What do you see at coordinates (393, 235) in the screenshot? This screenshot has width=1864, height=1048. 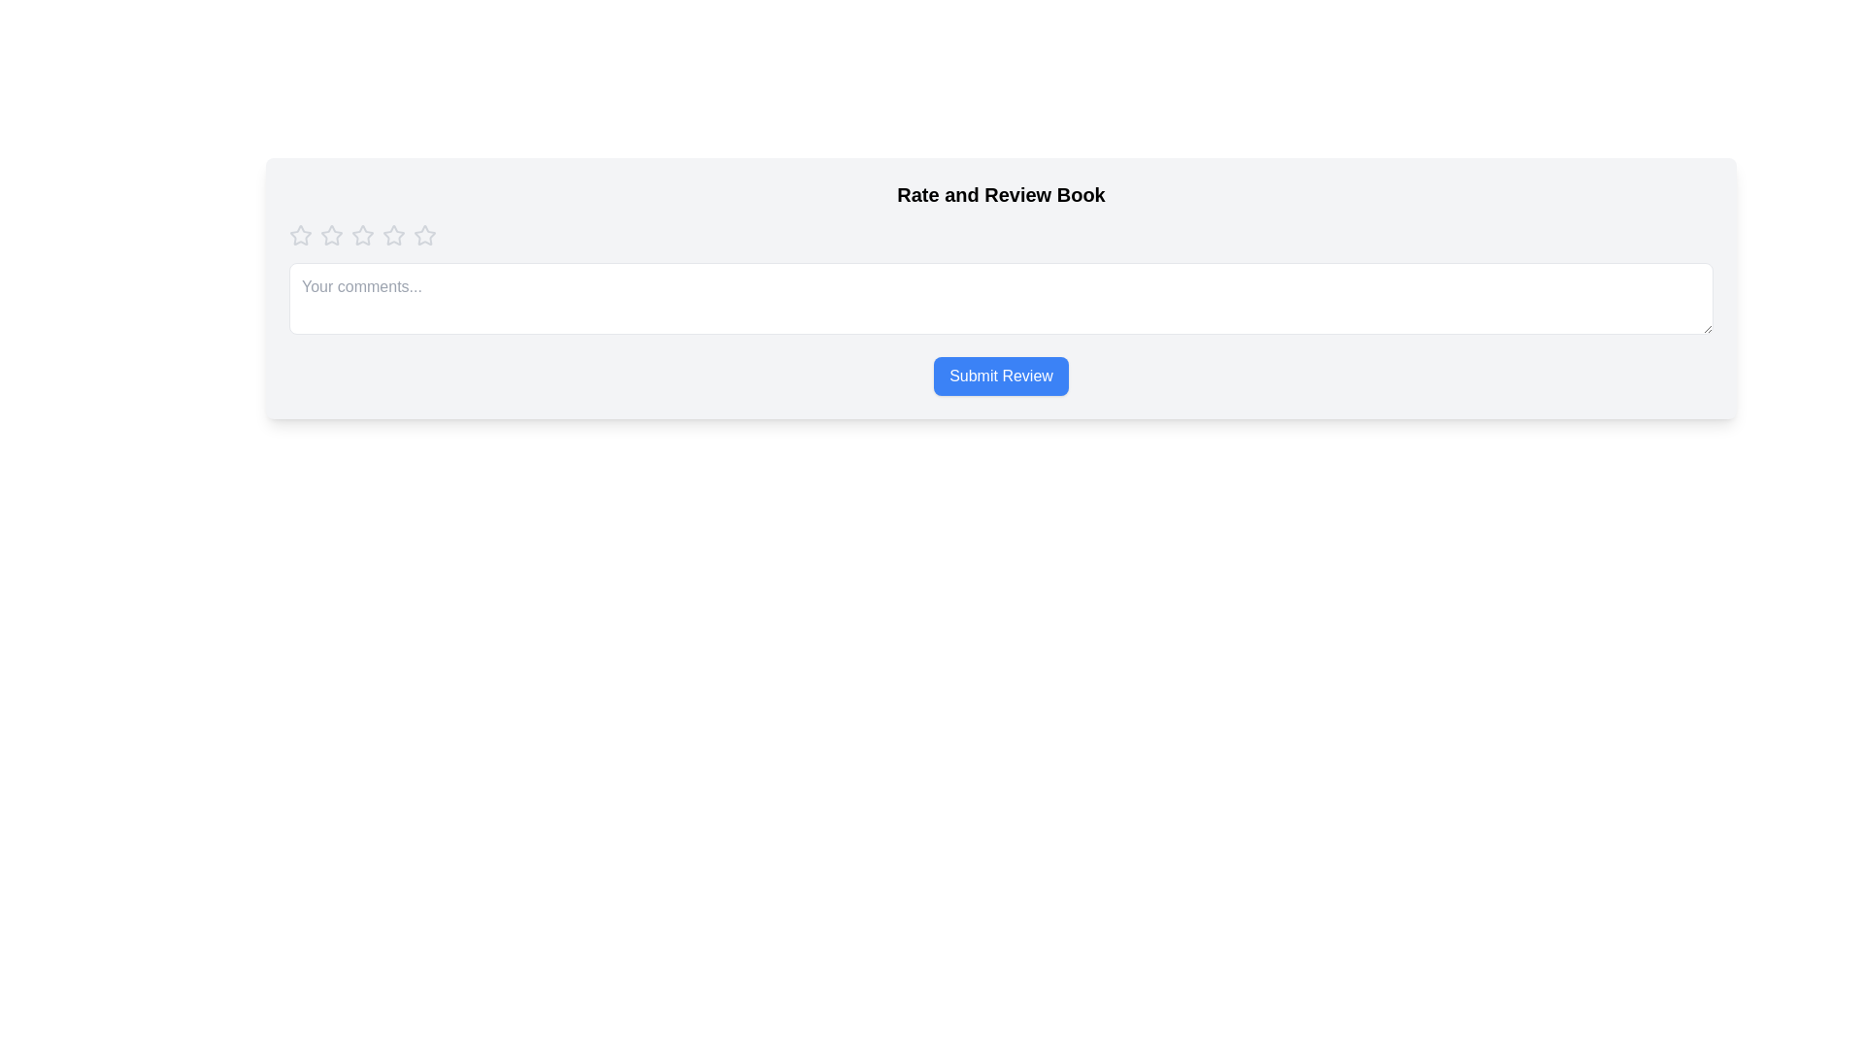 I see `the star corresponding to the rating level 4` at bounding box center [393, 235].